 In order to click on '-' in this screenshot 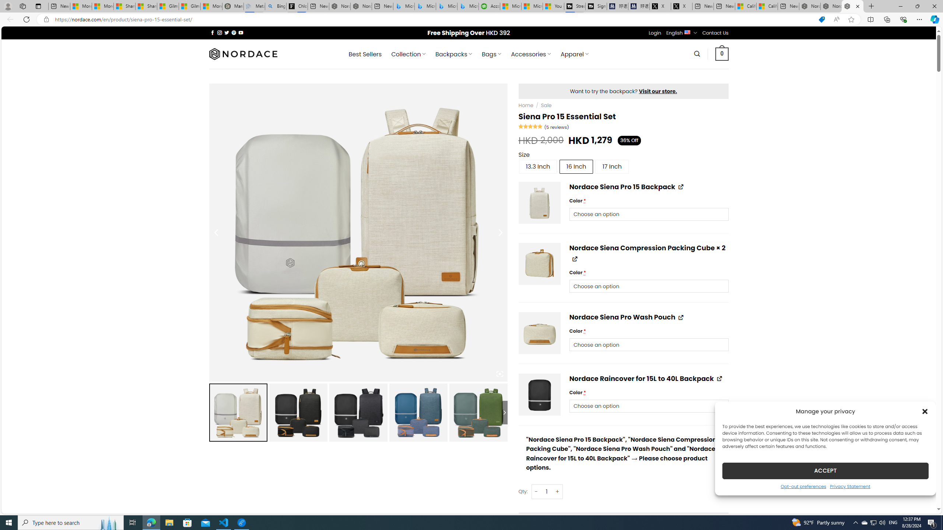, I will do `click(536, 491)`.